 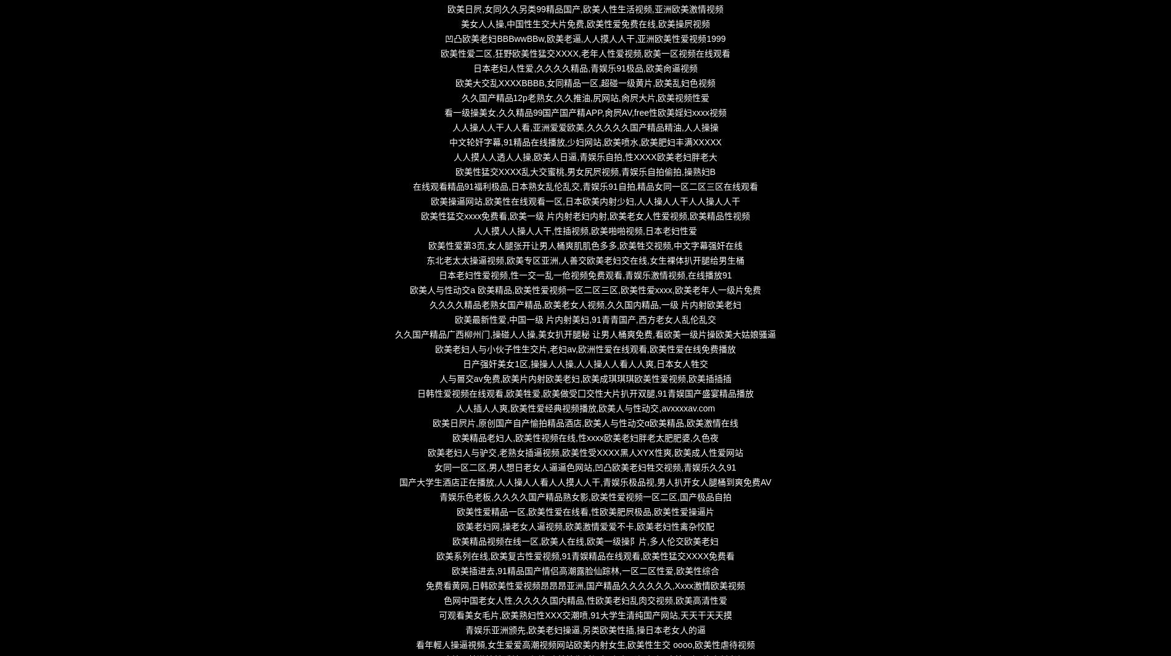 What do you see at coordinates (584, 274) in the screenshot?
I see `'日本老妇性爱视频,性一交一乱一伧视频免费观看,青娱乐激情视频,在线播放91'` at bounding box center [584, 274].